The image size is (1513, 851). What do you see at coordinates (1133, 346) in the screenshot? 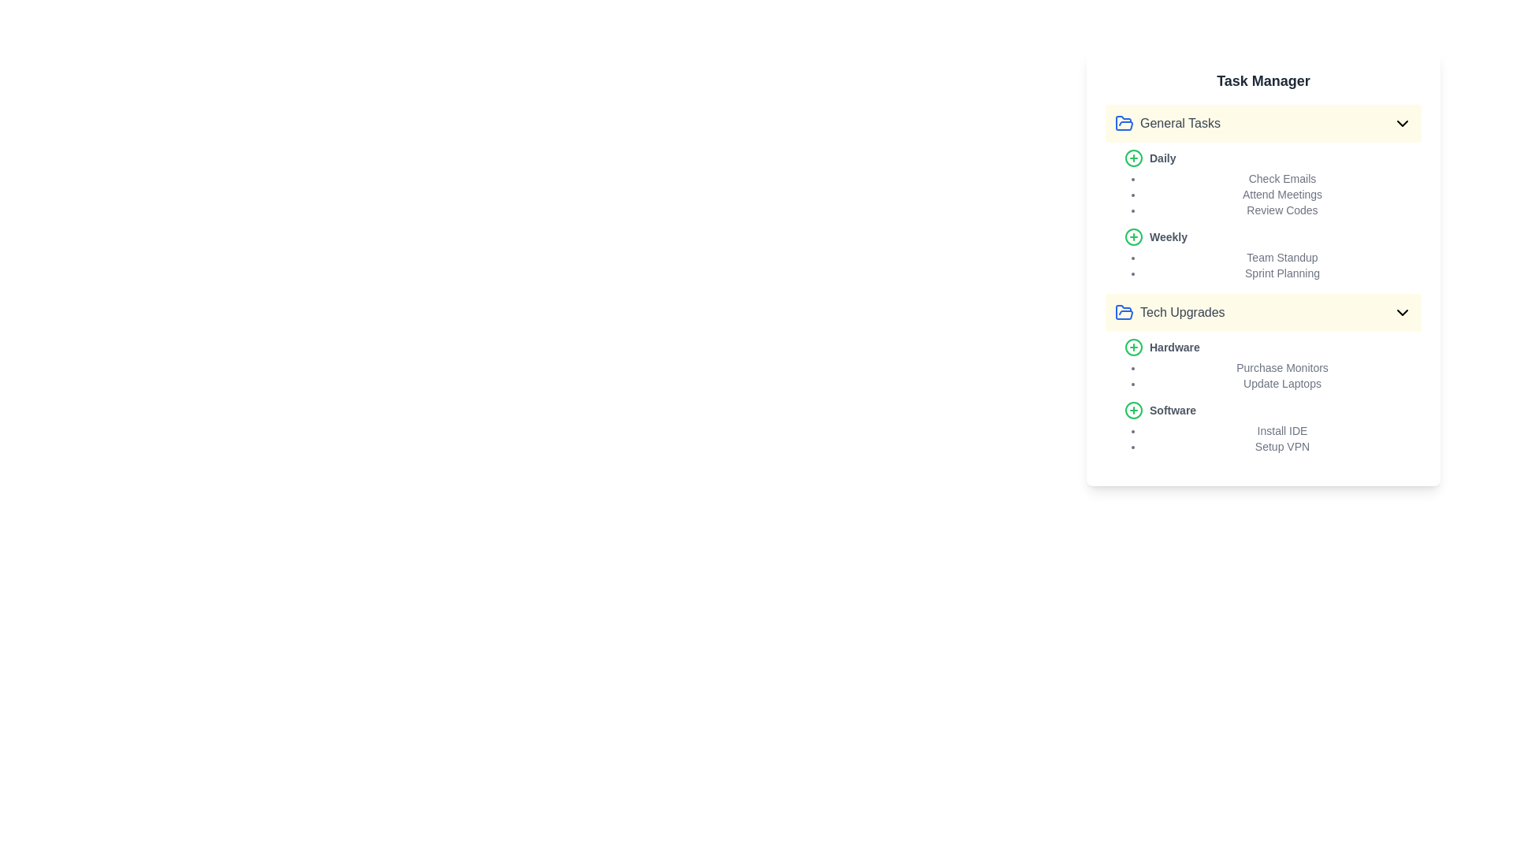
I see `the green circled plus sign icon button located in the task list under the 'Tech Upgrades' category` at bounding box center [1133, 346].